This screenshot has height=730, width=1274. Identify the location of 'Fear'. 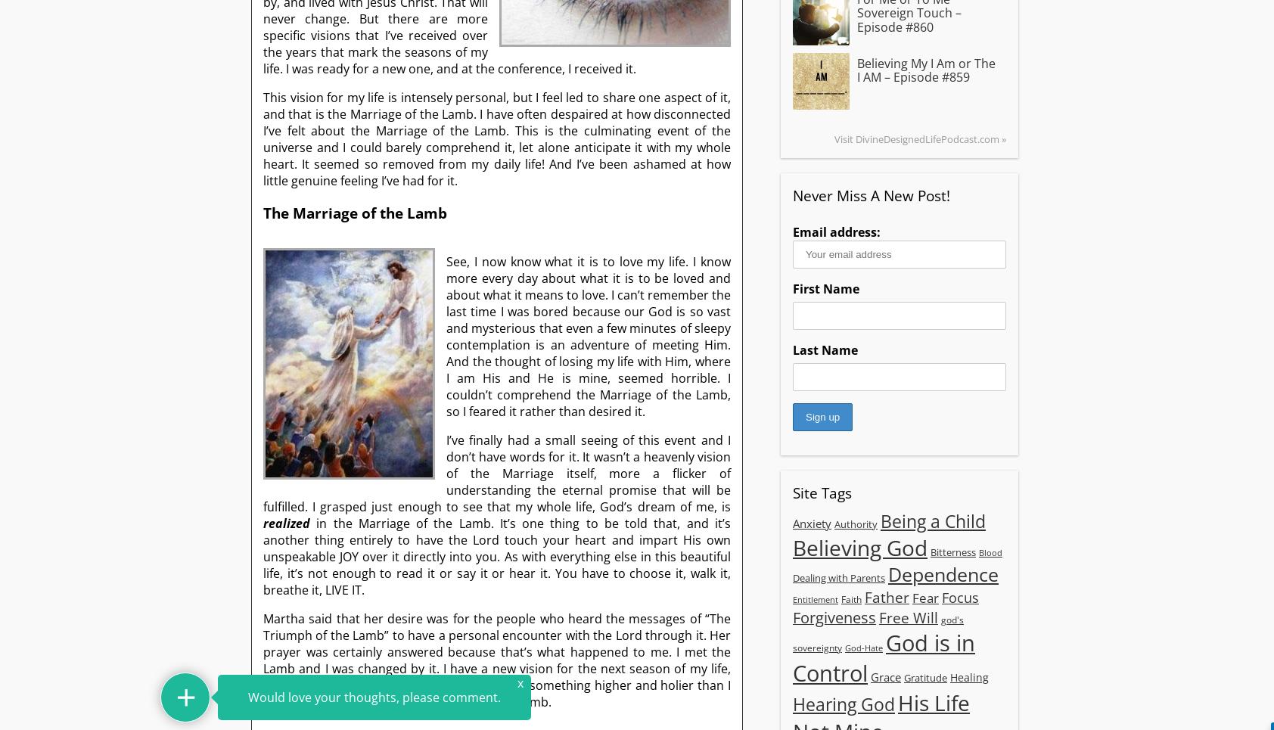
(912, 597).